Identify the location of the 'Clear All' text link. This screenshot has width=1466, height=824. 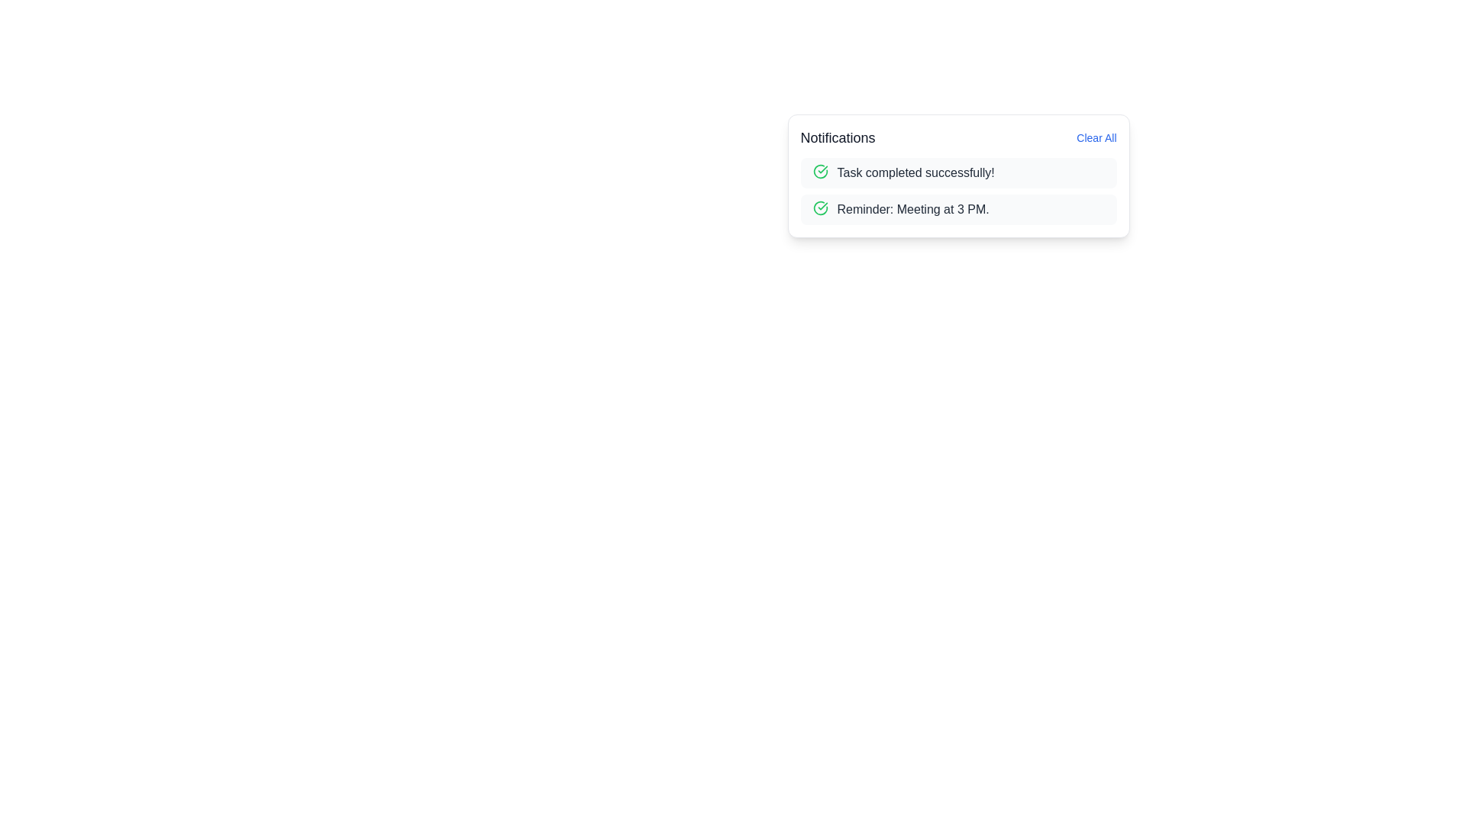
(1096, 138).